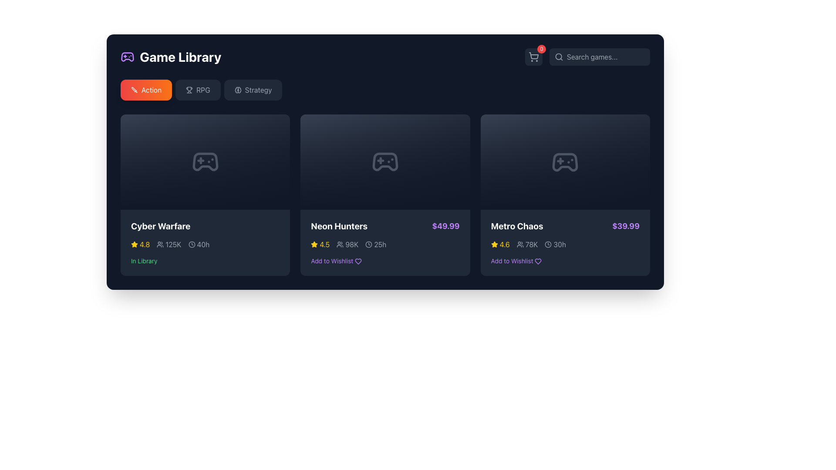 The height and width of the screenshot is (470, 836). What do you see at coordinates (205, 245) in the screenshot?
I see `information displayed in the group of indicators below the title 'Cyber Warfare', which includes a rating of 4.8, 125K users, and 40 hours of gameplay` at bounding box center [205, 245].